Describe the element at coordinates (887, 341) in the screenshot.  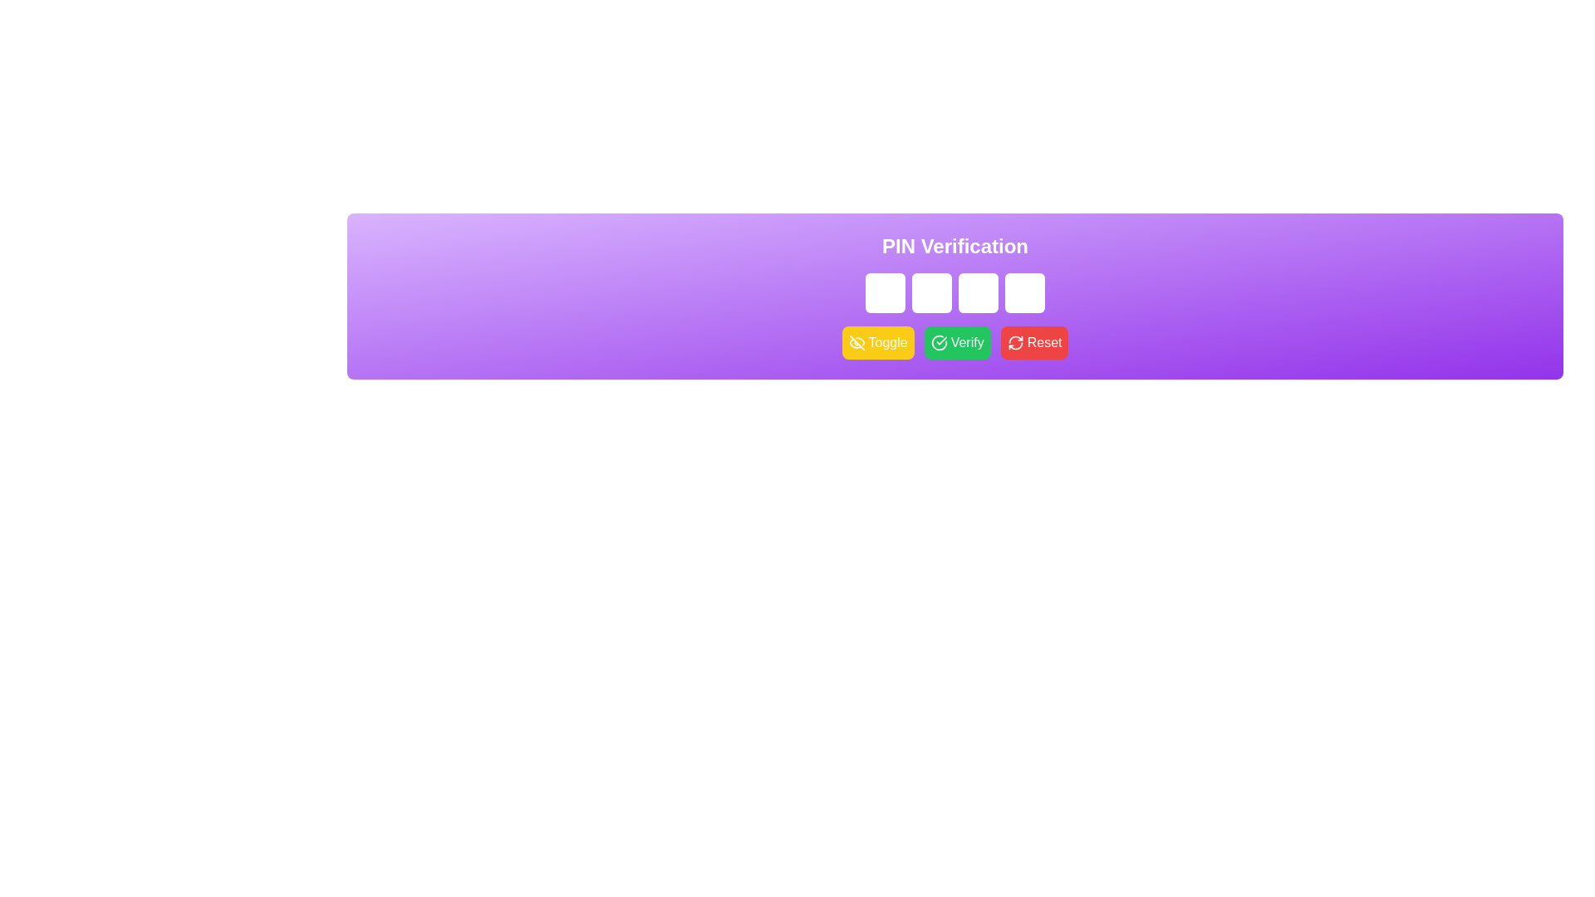
I see `the 'Toggle' button, which is a white text component within a yellow rectangular button with rounded corners, located between an eye icon and the 'Verify' button` at that location.